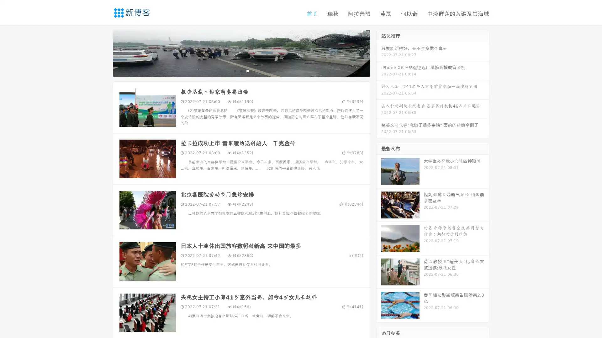 This screenshot has height=338, width=602. I want to click on Previous slide, so click(103, 53).